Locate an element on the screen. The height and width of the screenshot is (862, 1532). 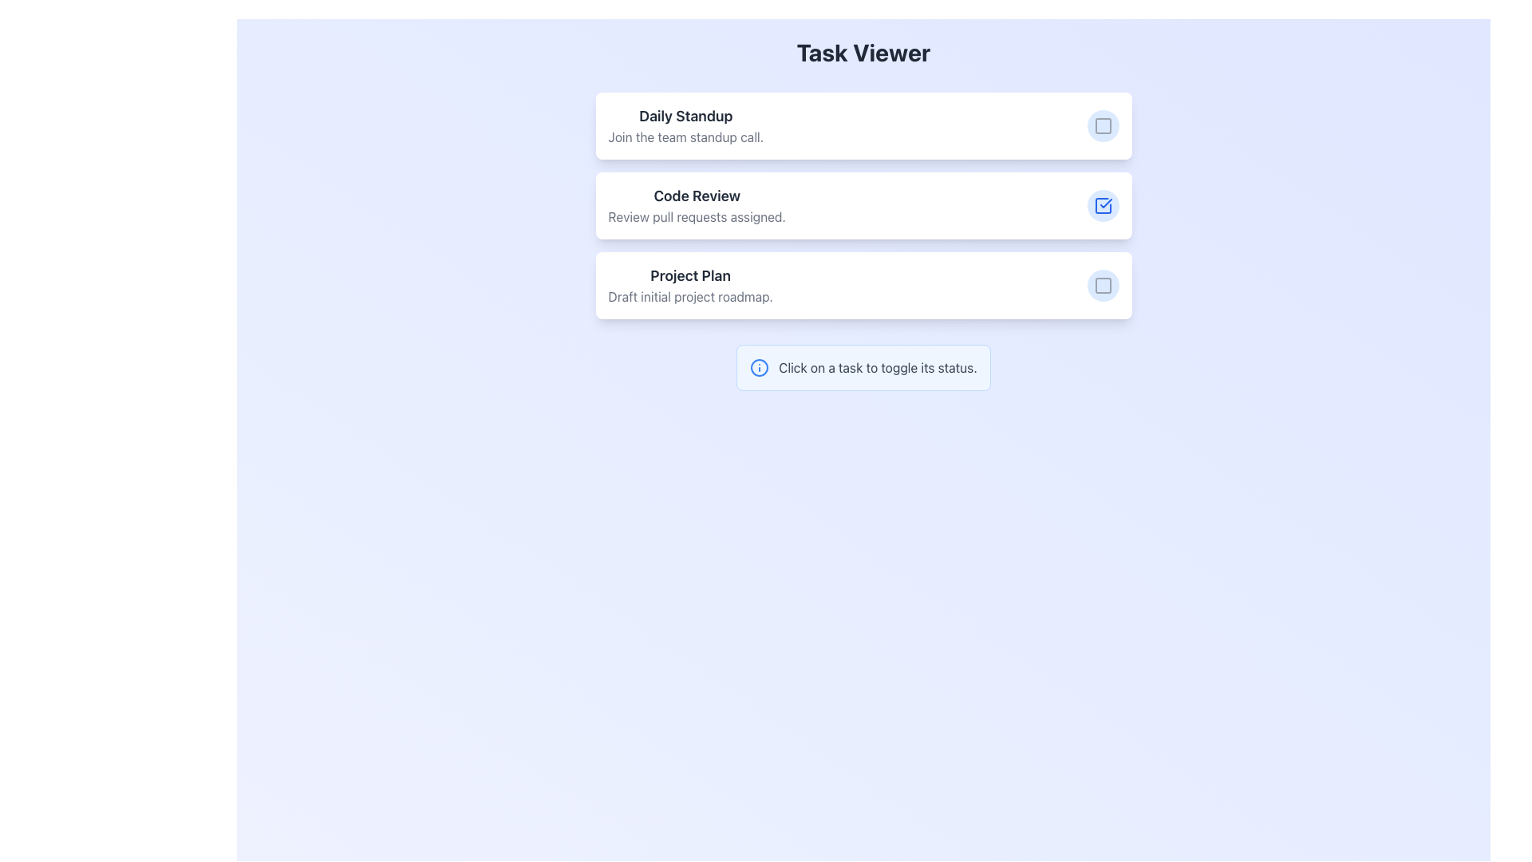
the static text label positioned directly under the 'Project Plan' title in the task item section is located at coordinates (690, 296).